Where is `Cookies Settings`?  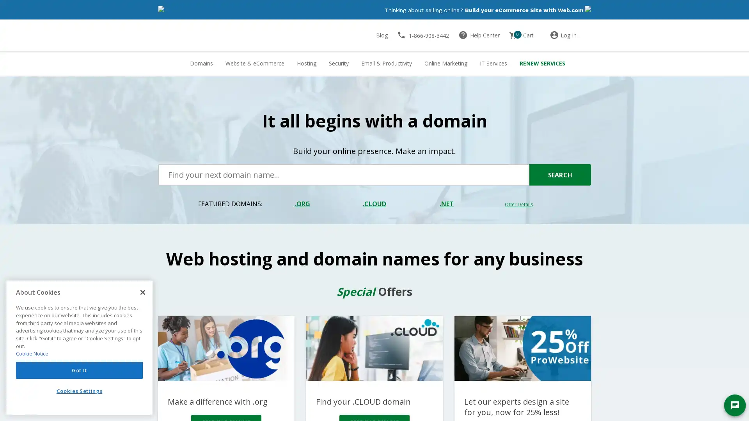 Cookies Settings is located at coordinates (79, 391).